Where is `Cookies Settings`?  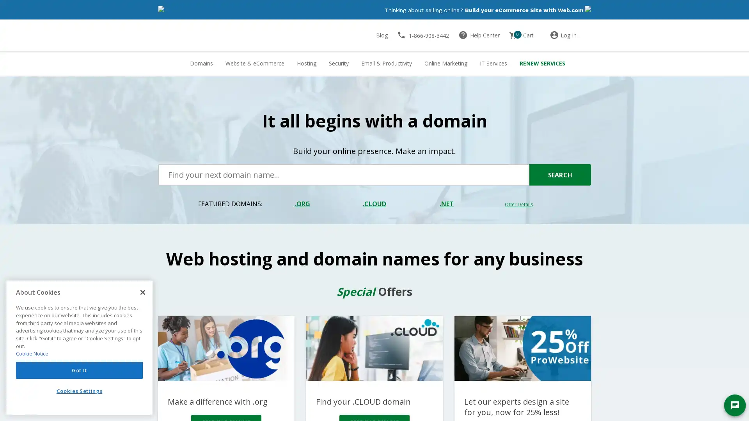 Cookies Settings is located at coordinates (79, 391).